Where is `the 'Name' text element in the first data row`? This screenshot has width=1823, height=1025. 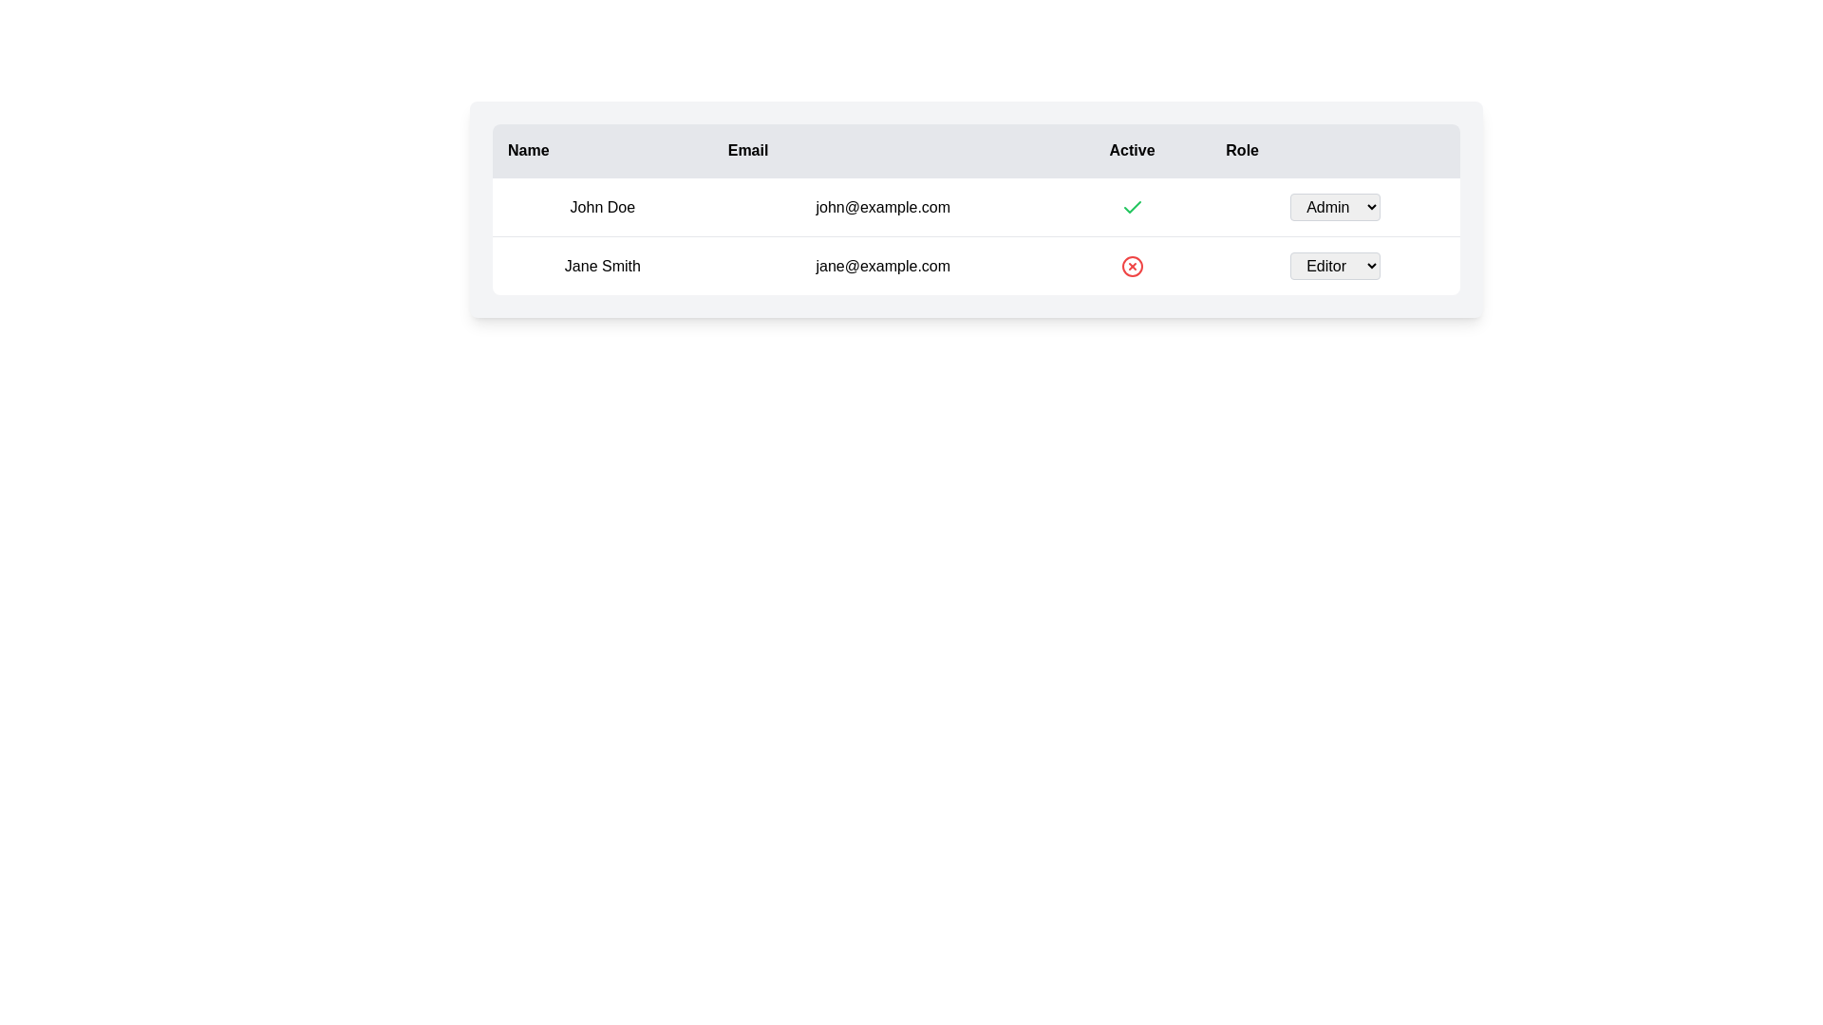
the 'Name' text element in the first data row is located at coordinates (601, 207).